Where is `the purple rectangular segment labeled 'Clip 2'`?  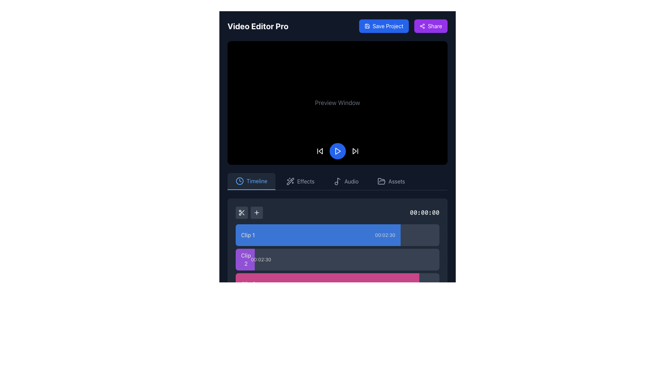
the purple rectangular segment labeled 'Clip 2' is located at coordinates (245, 259).